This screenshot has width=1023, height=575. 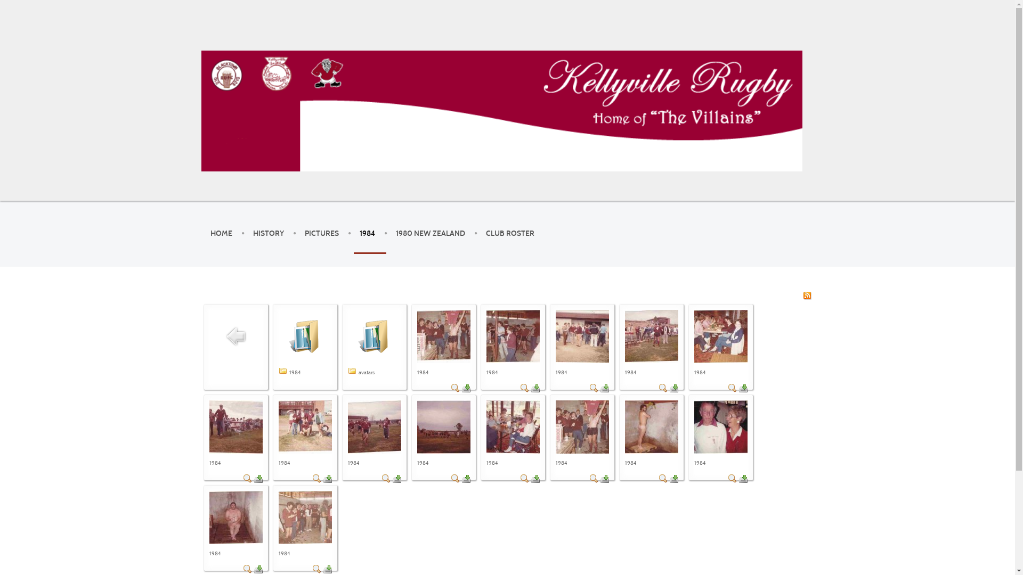 What do you see at coordinates (386, 233) in the screenshot?
I see `'1980 NEW ZEALAND'` at bounding box center [386, 233].